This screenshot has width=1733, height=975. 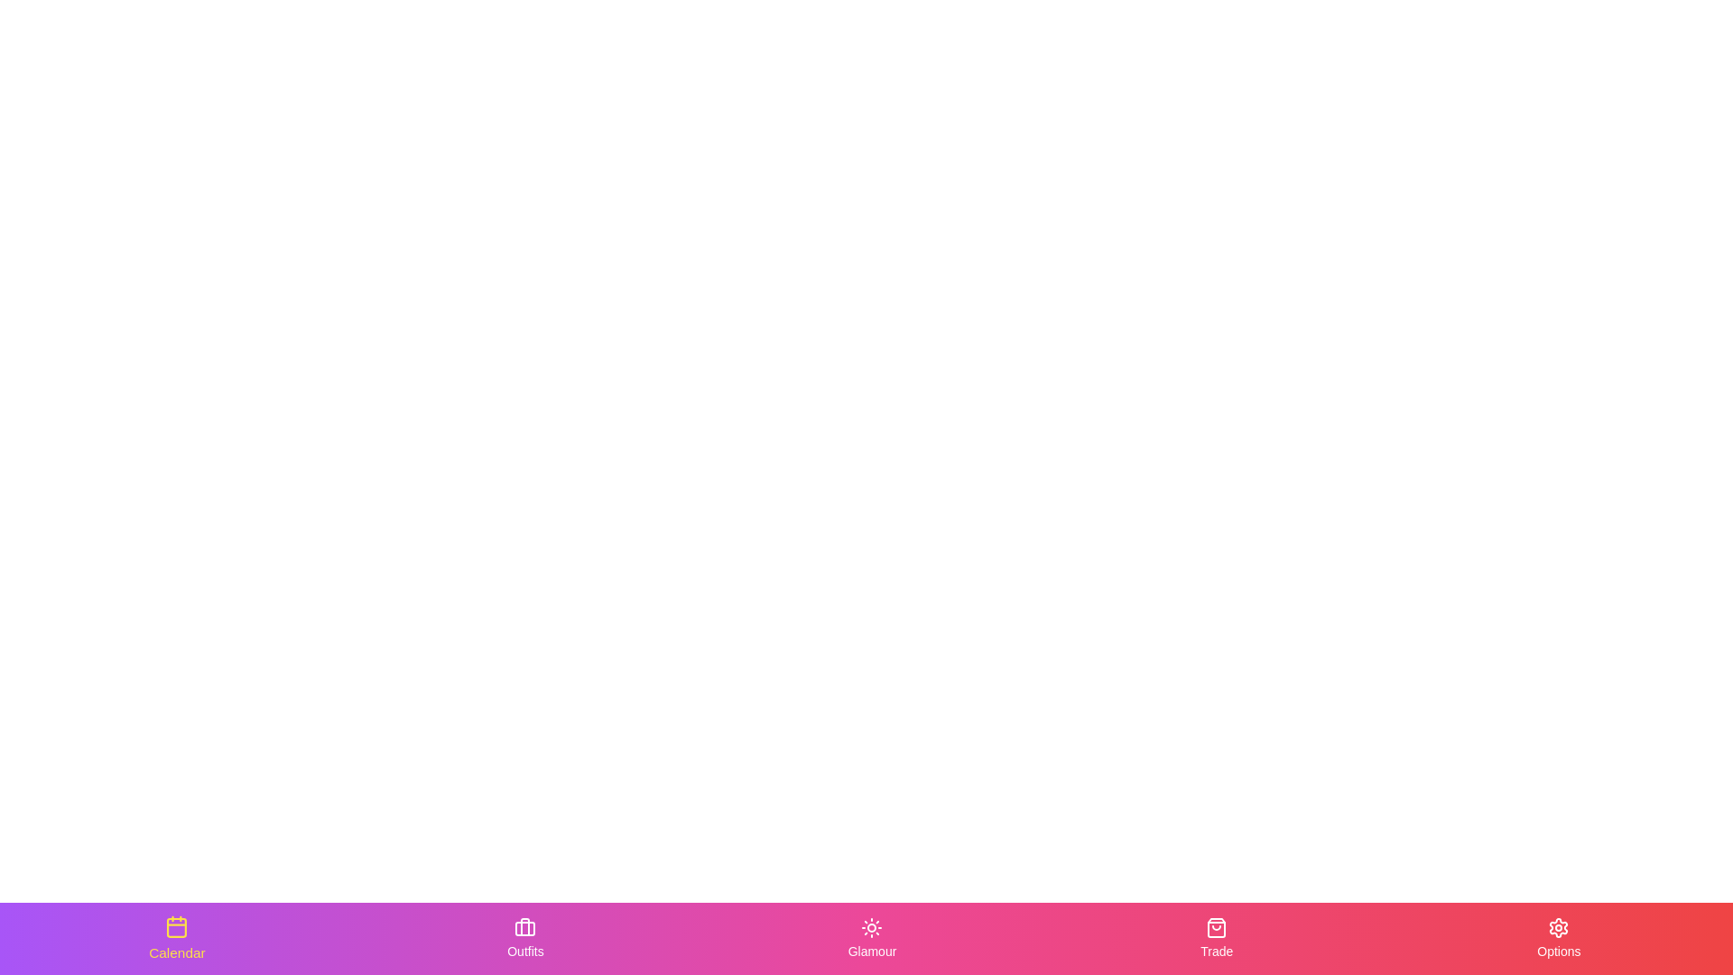 I want to click on the tab labeled Glamour to observe its hover effect, so click(x=872, y=938).